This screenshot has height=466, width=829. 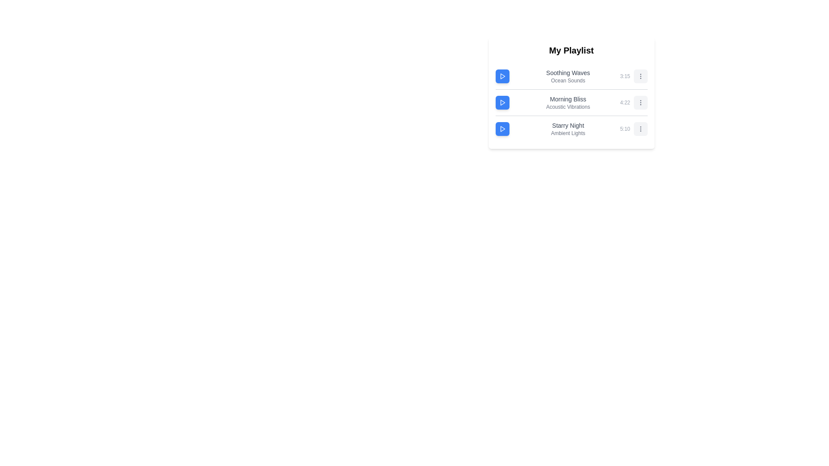 I want to click on the button located at the far right end of the 'Morning Bliss' playlist item, so click(x=640, y=102).